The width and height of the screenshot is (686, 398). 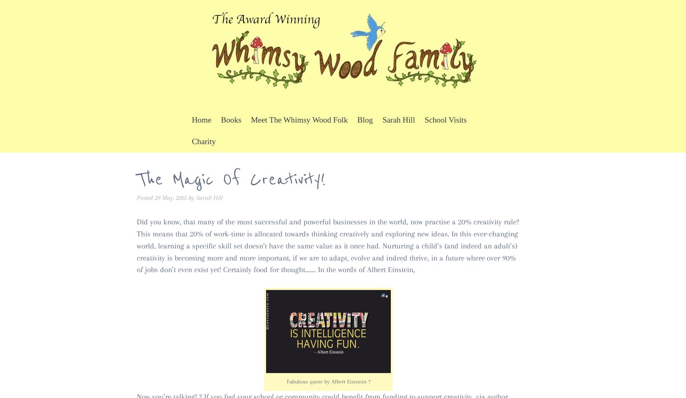 I want to click on 'Books', so click(x=230, y=119).